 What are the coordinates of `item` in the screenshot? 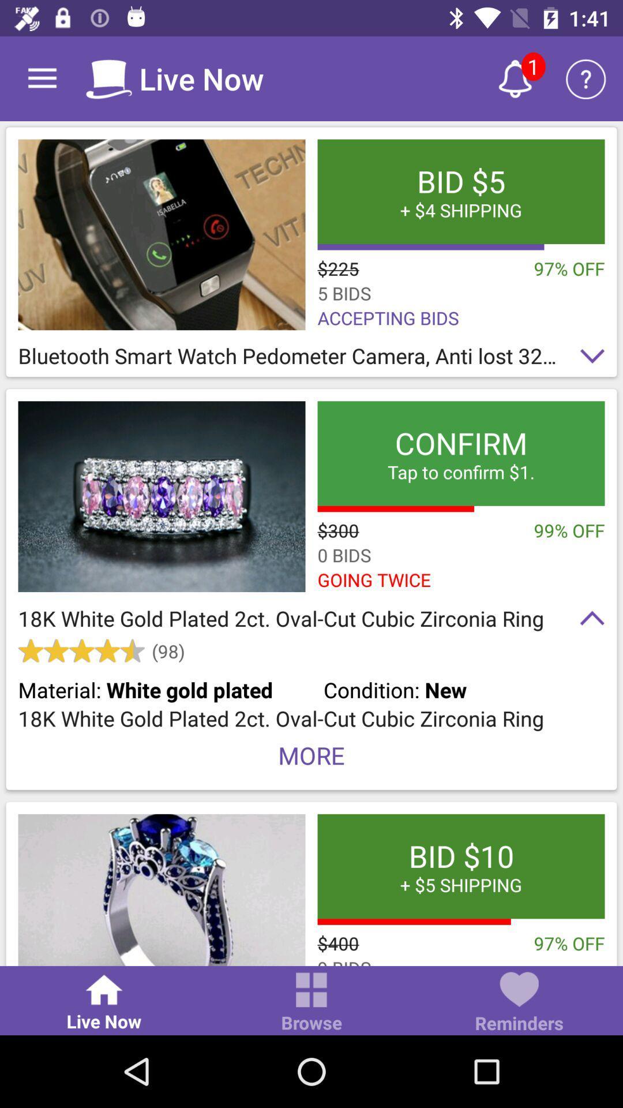 It's located at (162, 496).